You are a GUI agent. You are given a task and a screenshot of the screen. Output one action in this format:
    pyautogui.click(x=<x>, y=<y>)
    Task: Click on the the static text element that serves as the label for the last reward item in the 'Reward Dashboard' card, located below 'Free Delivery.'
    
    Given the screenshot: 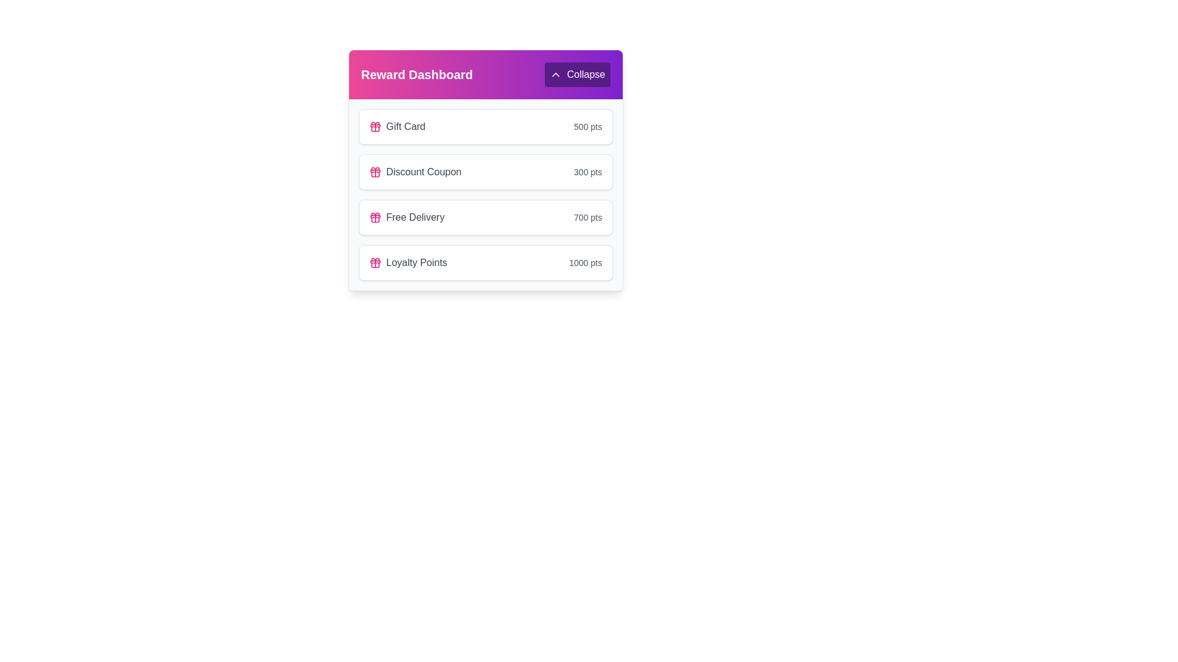 What is the action you would take?
    pyautogui.click(x=417, y=262)
    